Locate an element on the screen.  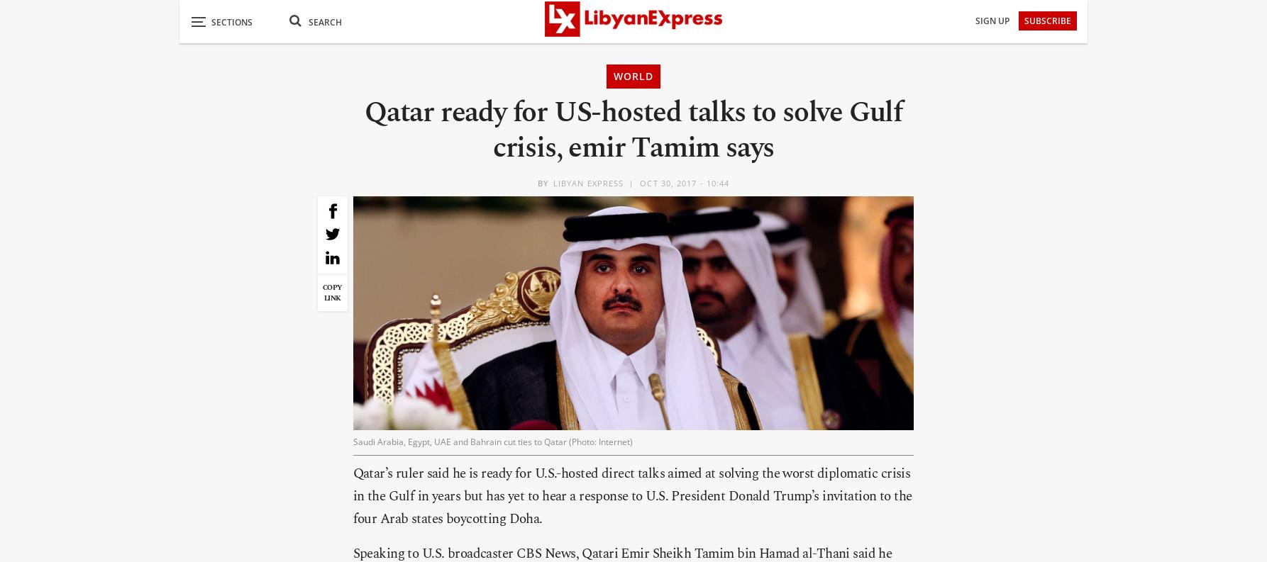
'Qatar’s ruler said he is ready for U.S.-hosted direct talks aimed at solving the worst diplomatic crisis in the Gulf in years but has yet to hear a response to U.S. President Donald Trump’s invitation to the four Arab states boycotting Doha.' is located at coordinates (631, 495).